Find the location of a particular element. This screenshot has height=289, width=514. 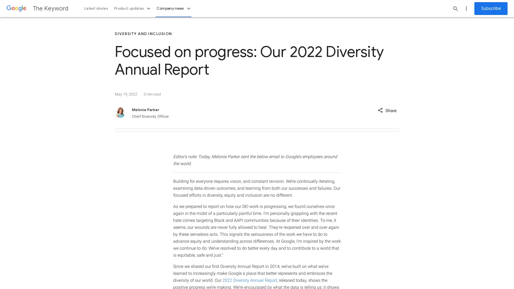

Search is located at coordinates (455, 8).